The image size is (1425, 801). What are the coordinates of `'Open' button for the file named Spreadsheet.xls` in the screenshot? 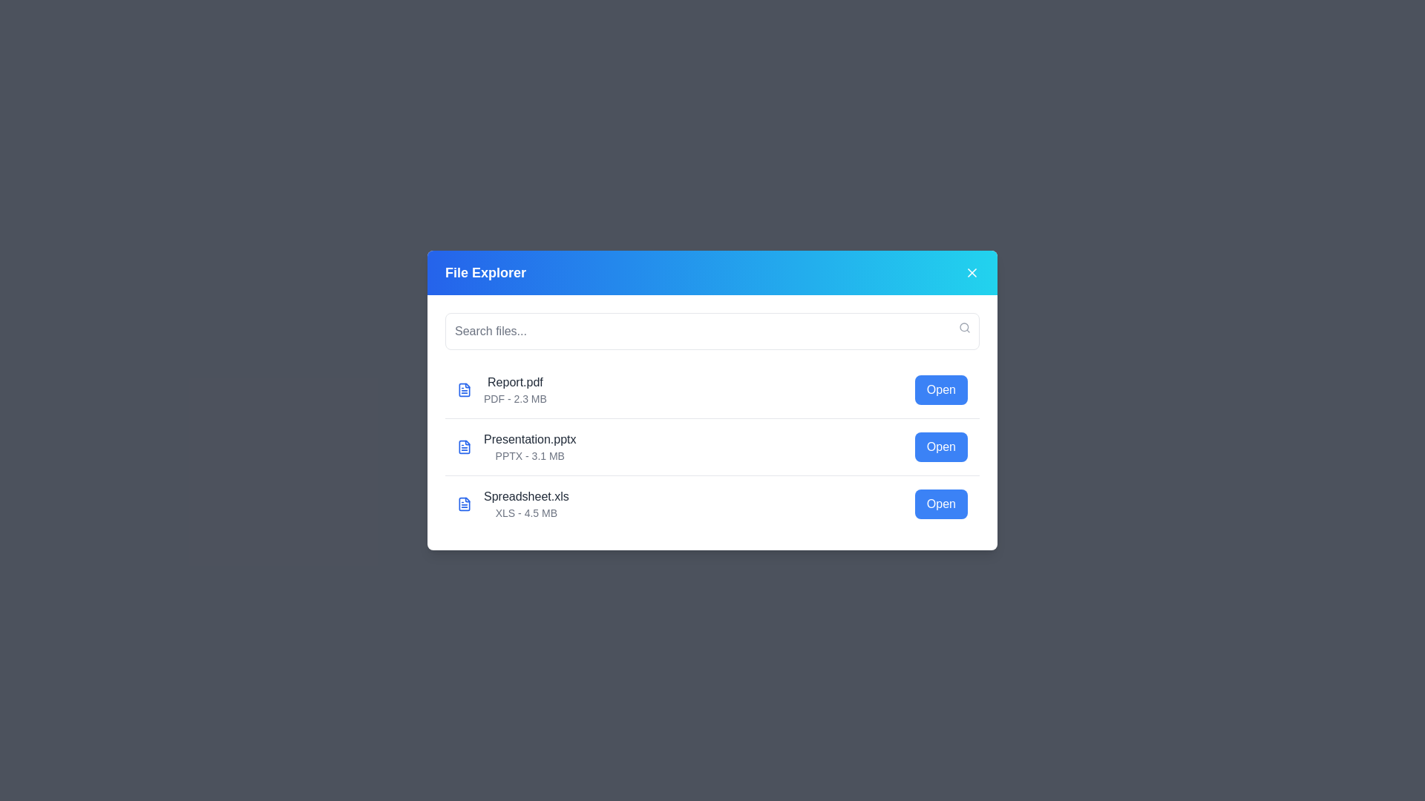 It's located at (940, 503).